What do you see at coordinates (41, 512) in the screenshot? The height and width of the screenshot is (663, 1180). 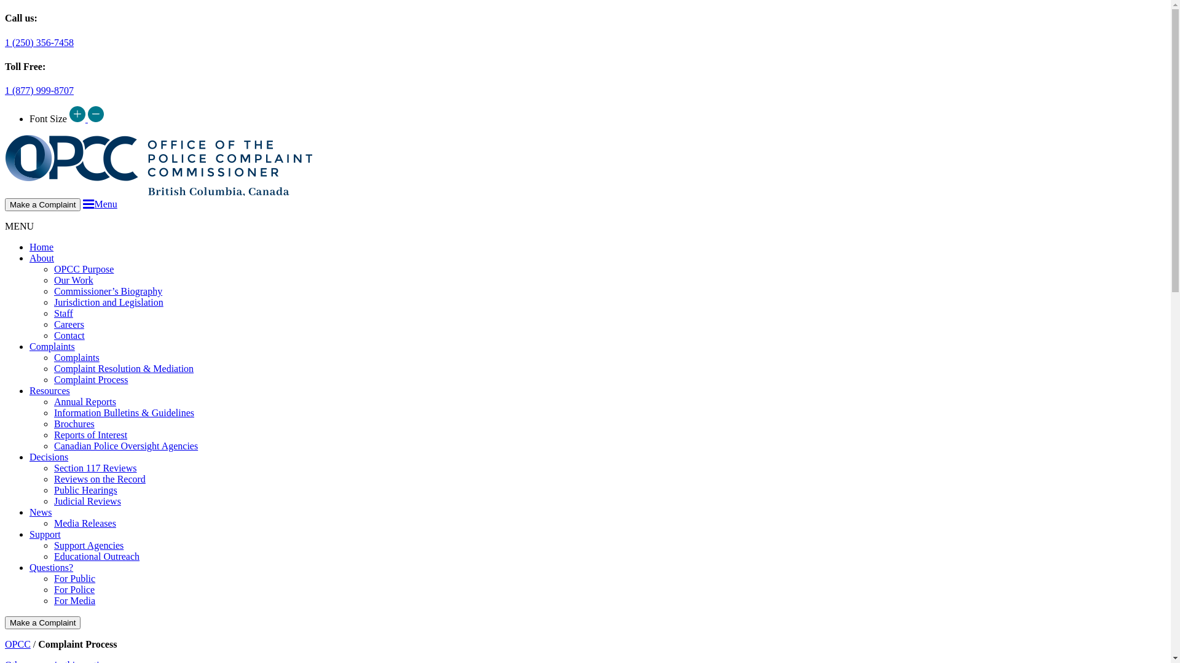 I see `'News'` at bounding box center [41, 512].